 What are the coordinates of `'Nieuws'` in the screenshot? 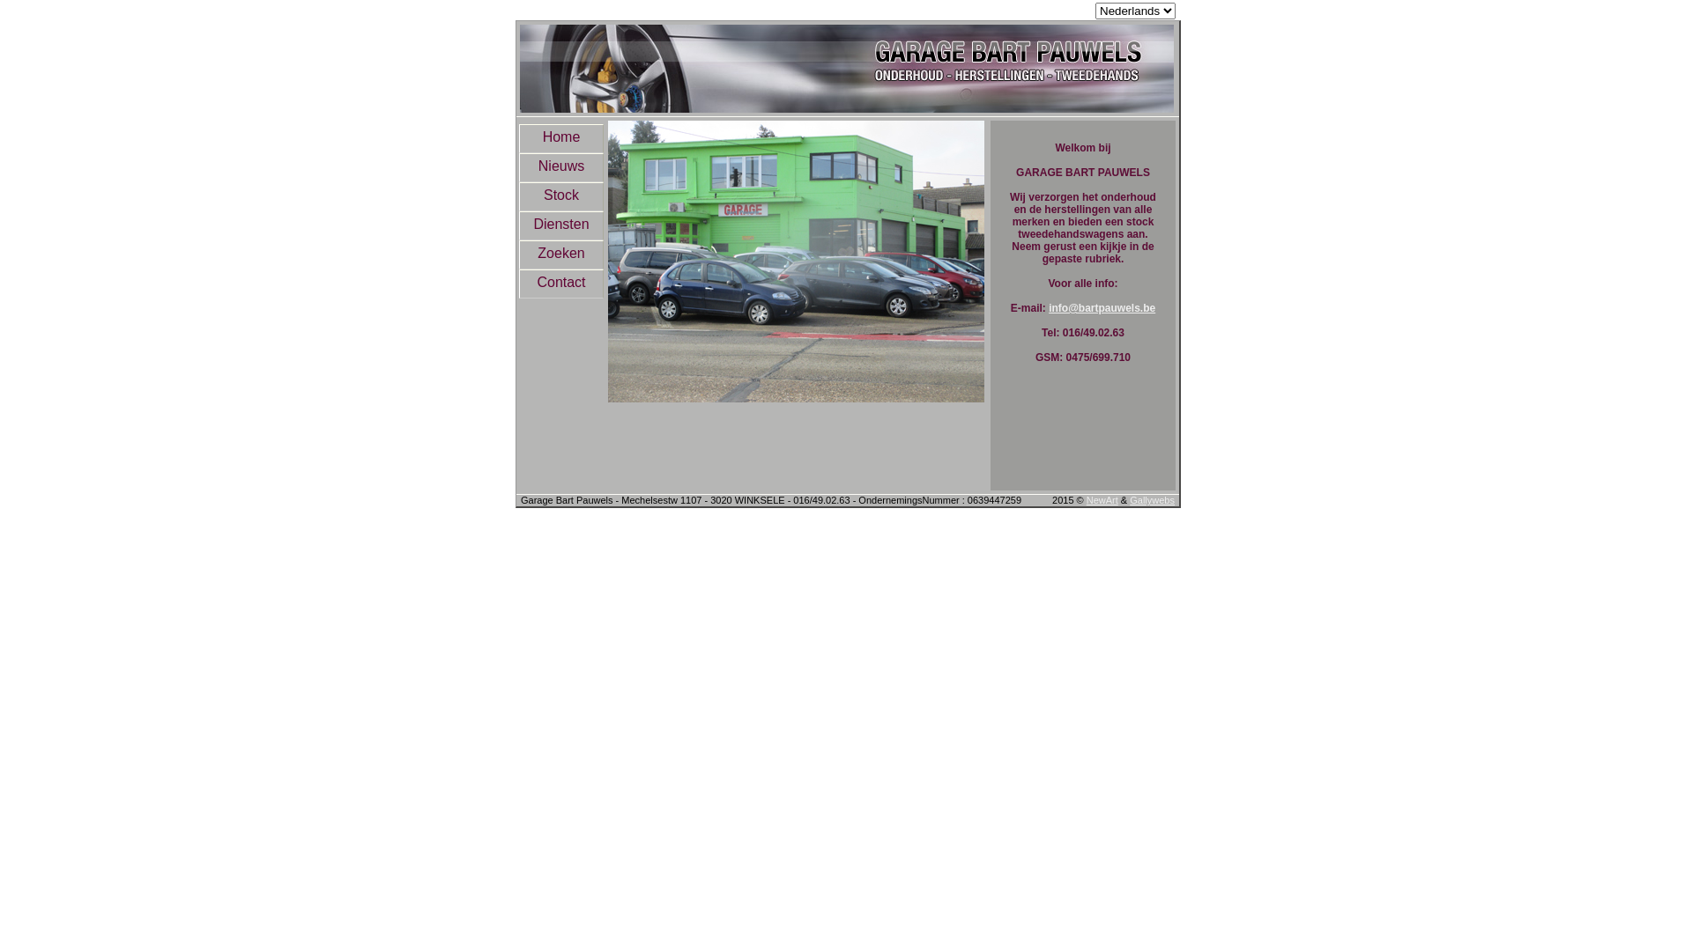 It's located at (560, 167).